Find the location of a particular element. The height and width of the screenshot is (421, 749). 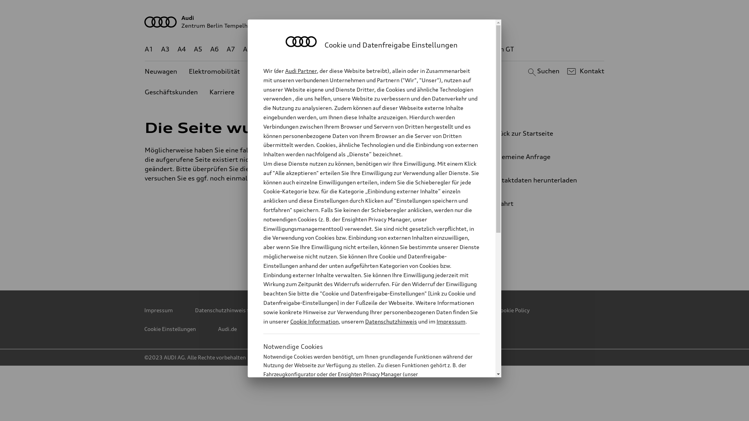

'Karriere' is located at coordinates (222, 92).